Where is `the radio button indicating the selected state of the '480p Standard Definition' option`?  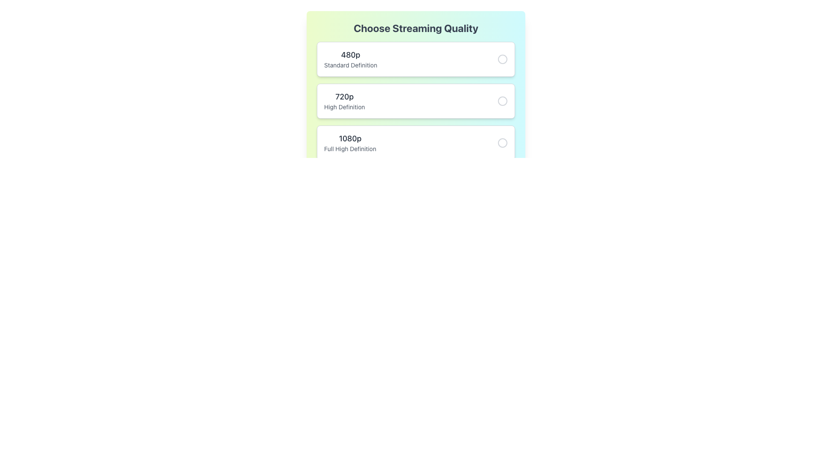
the radio button indicating the selected state of the '480p Standard Definition' option is located at coordinates (502, 58).